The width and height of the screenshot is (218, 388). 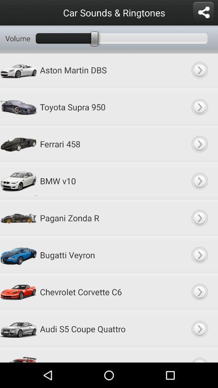 What do you see at coordinates (199, 254) in the screenshot?
I see `to go previous` at bounding box center [199, 254].